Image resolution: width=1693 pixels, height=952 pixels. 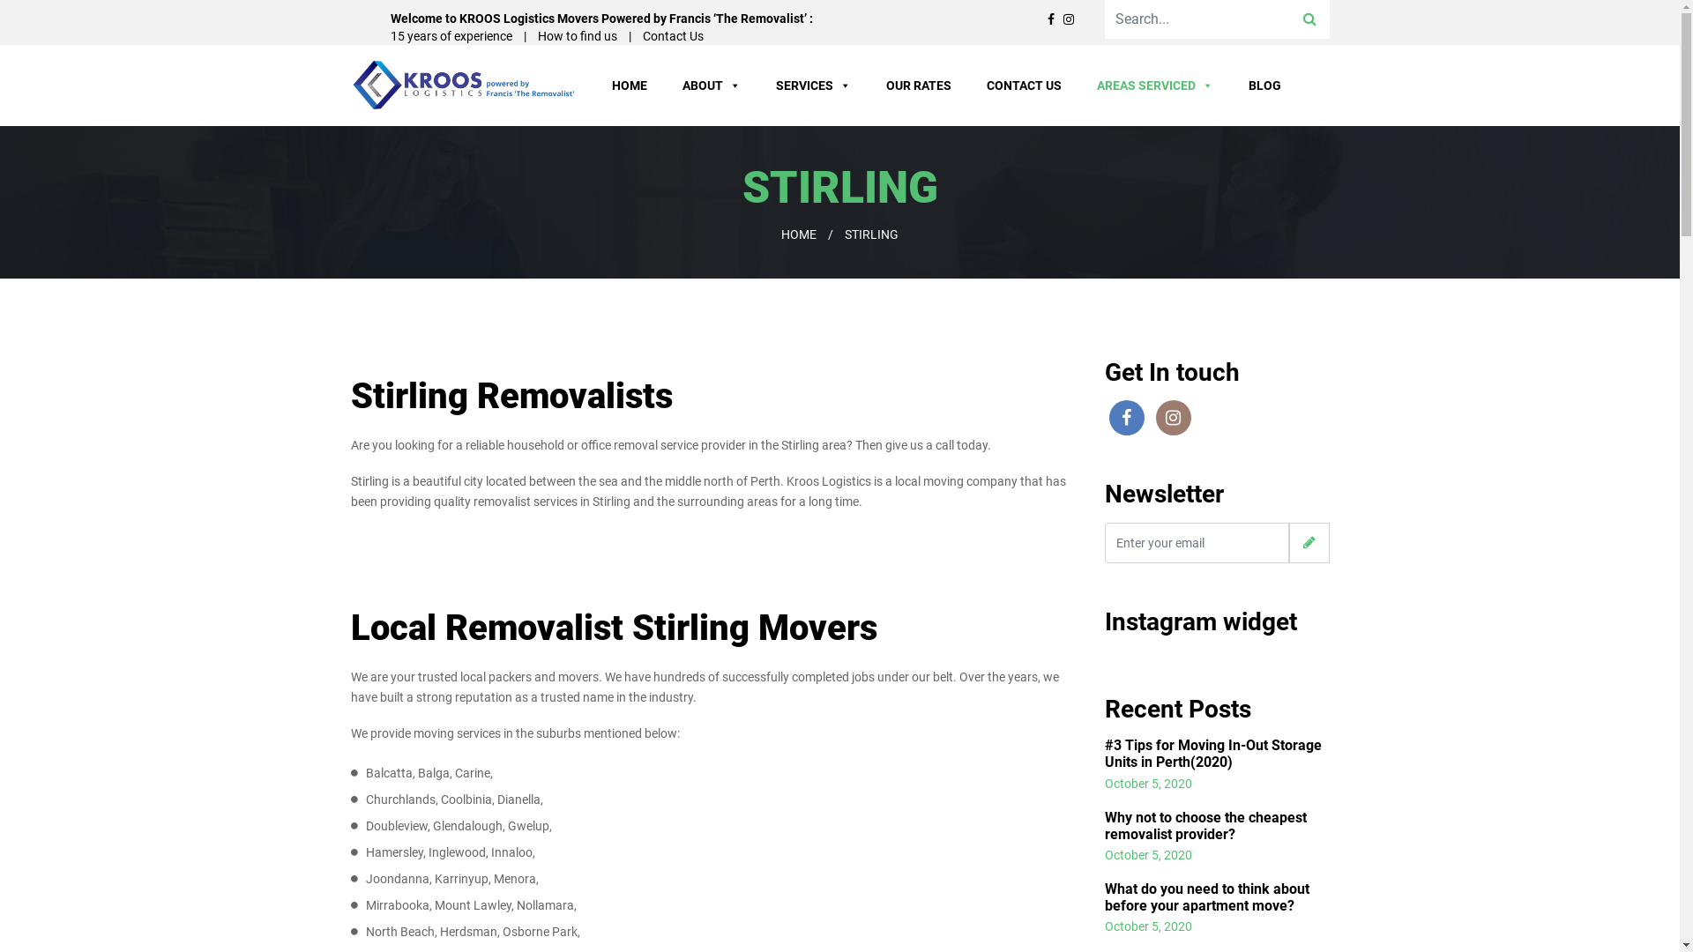 What do you see at coordinates (1023, 85) in the screenshot?
I see `'CONTACT US'` at bounding box center [1023, 85].